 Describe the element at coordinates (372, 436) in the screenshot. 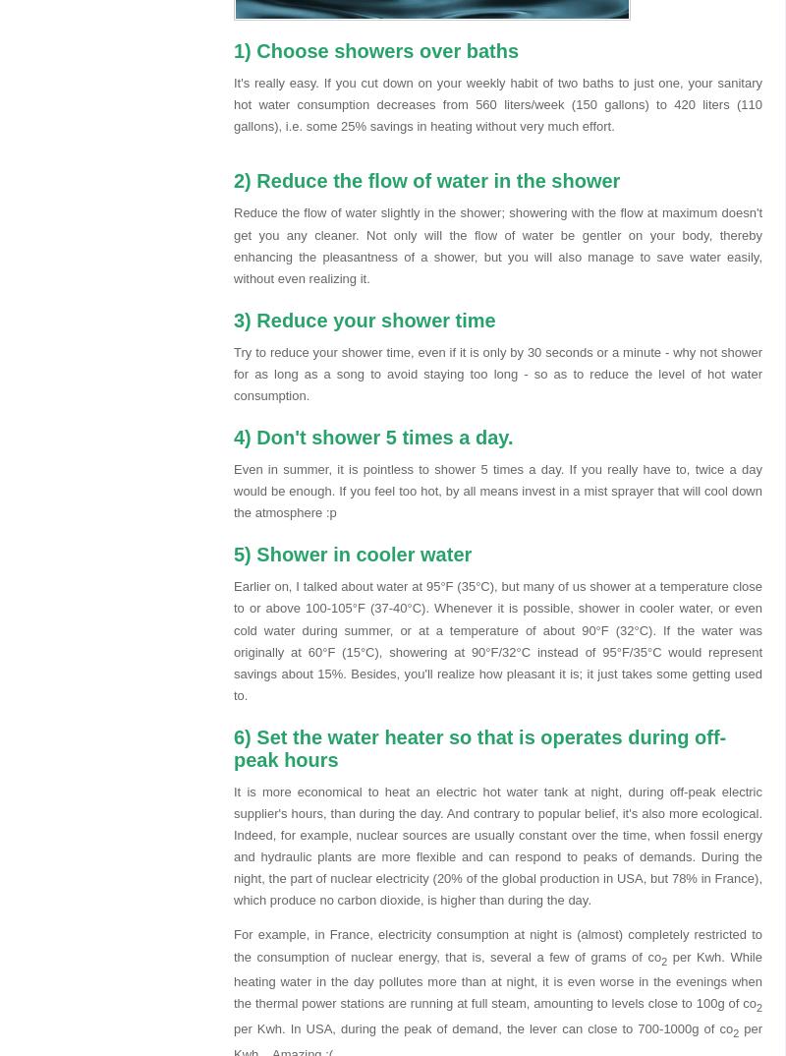

I see `'4) Don't shower 5 times a day.'` at that location.